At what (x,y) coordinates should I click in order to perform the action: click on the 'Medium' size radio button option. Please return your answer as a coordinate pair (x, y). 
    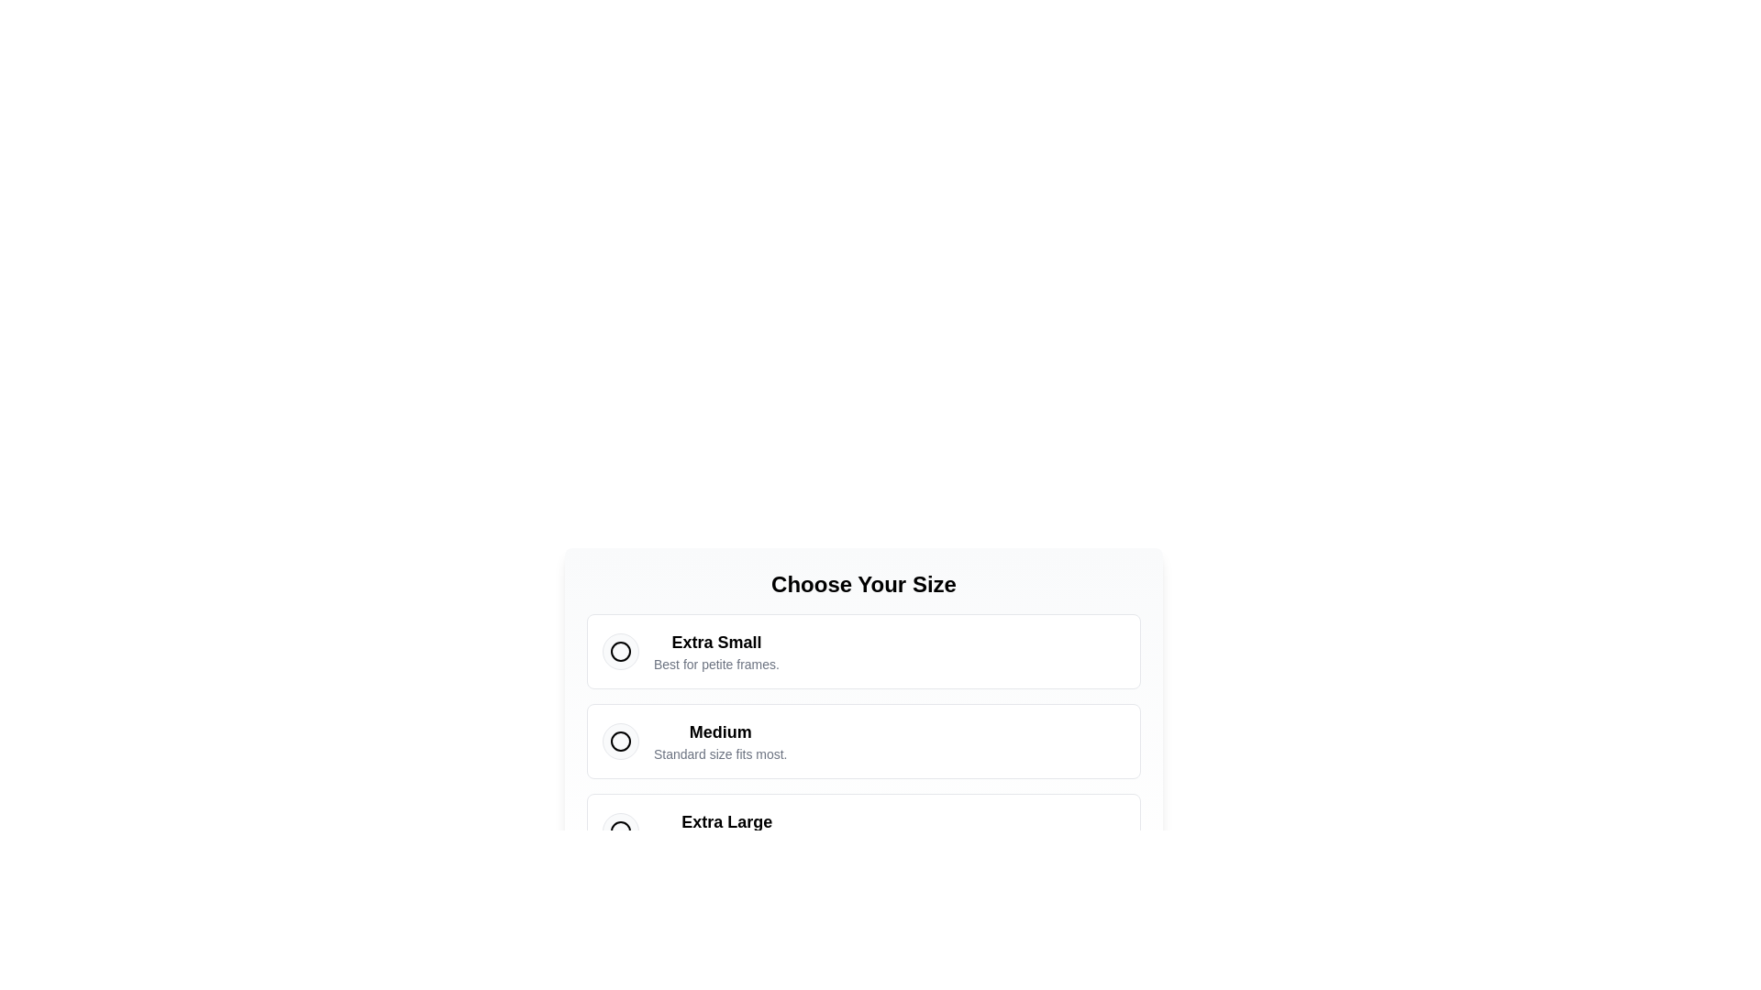
    Looking at the image, I should click on (862, 741).